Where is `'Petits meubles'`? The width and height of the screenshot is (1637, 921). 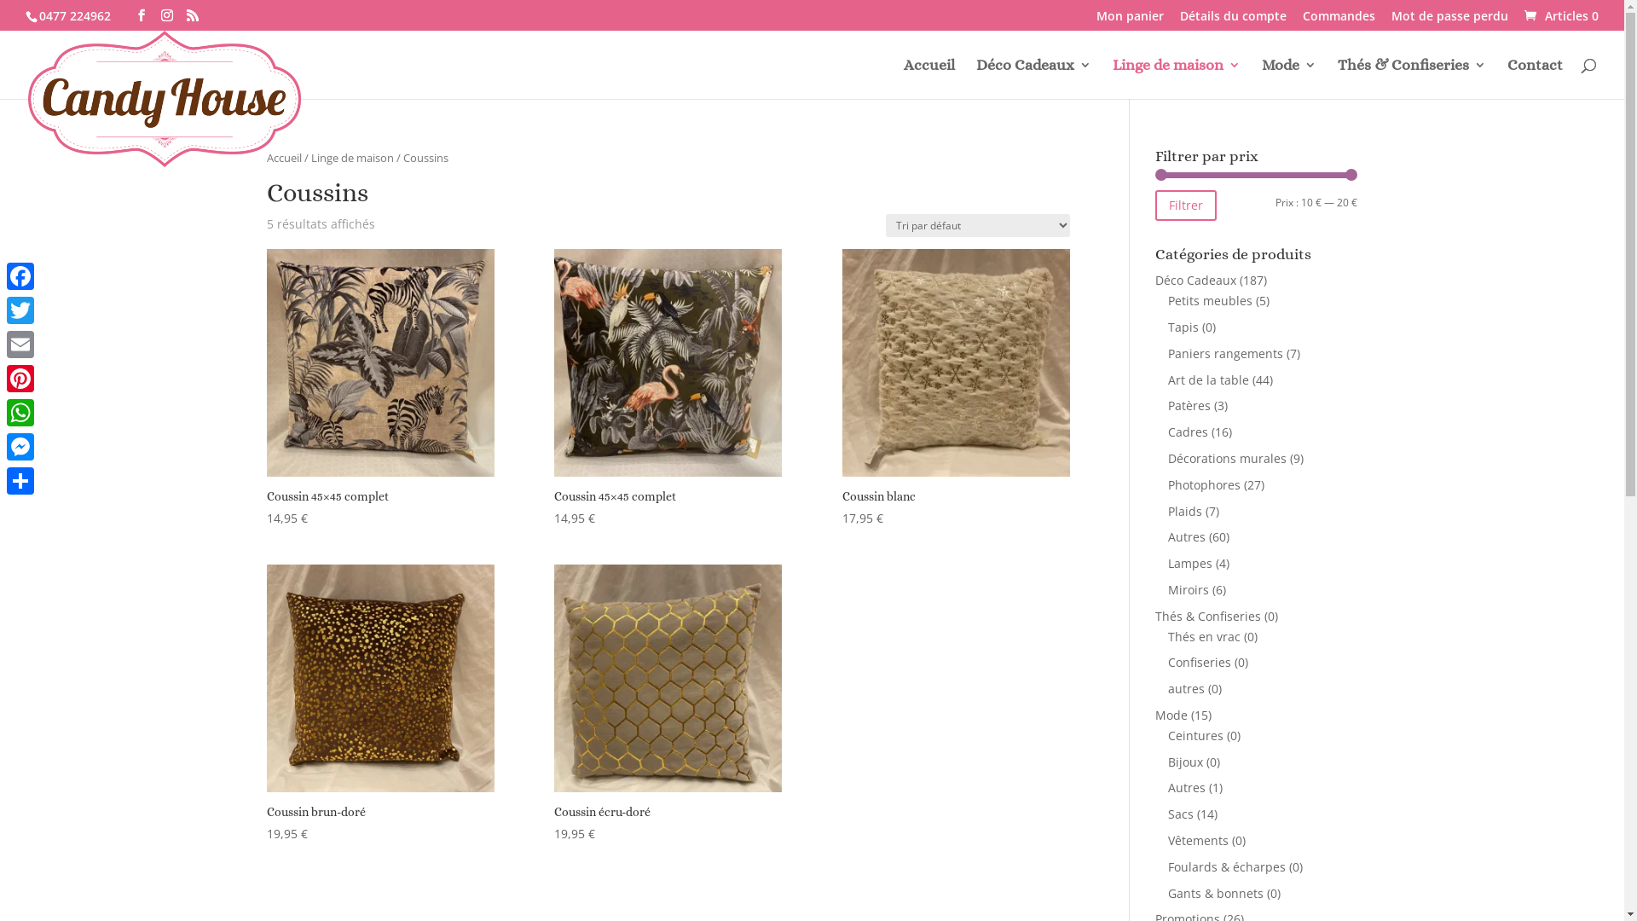
'Petits meubles' is located at coordinates (1209, 299).